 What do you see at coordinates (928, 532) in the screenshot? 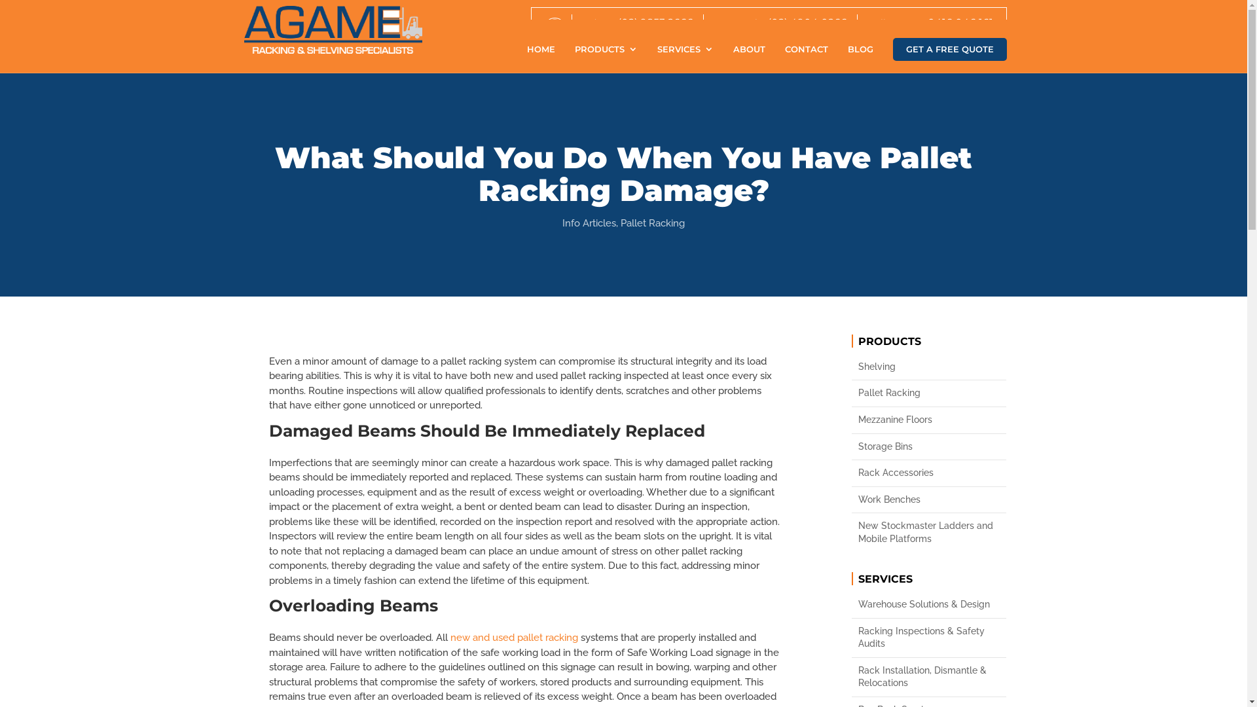
I see `'New Stockmaster Ladders and Mobile Platforms'` at bounding box center [928, 532].